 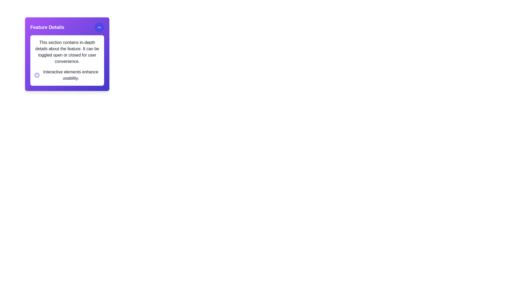 What do you see at coordinates (67, 52) in the screenshot?
I see `the informational text element located directly below the title 'Feature Details', which serves to provide context and details to the user` at bounding box center [67, 52].